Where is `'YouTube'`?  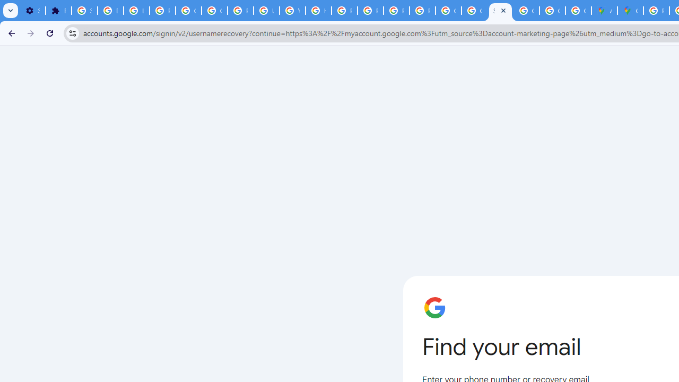
'YouTube' is located at coordinates (292, 11).